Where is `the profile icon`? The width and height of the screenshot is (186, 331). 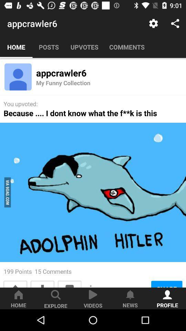
the profile icon is located at coordinates (18, 77).